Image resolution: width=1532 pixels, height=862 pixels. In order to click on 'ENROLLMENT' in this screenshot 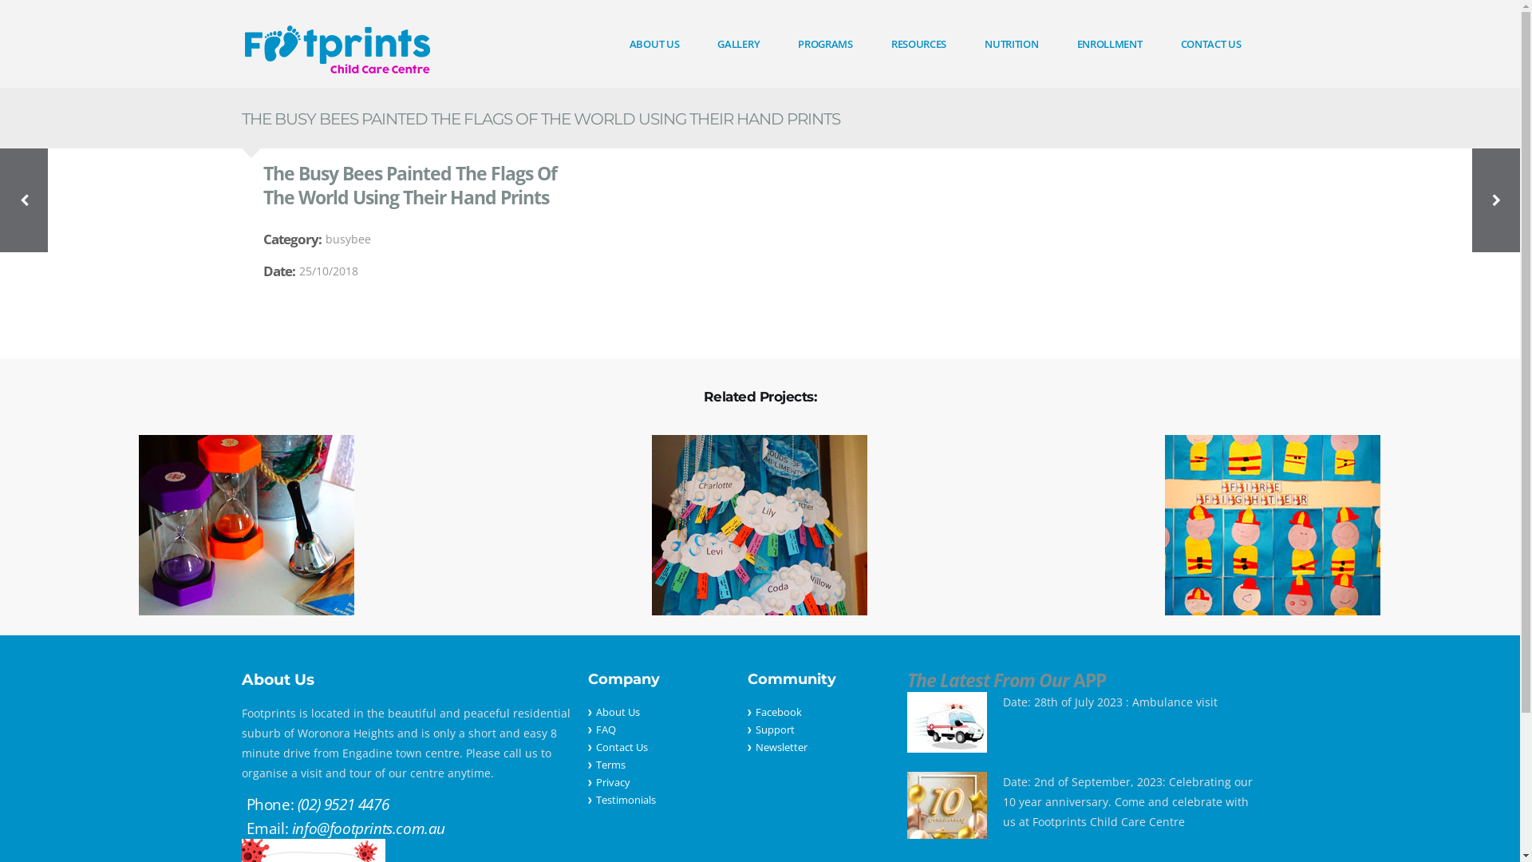, I will do `click(1109, 42)`.